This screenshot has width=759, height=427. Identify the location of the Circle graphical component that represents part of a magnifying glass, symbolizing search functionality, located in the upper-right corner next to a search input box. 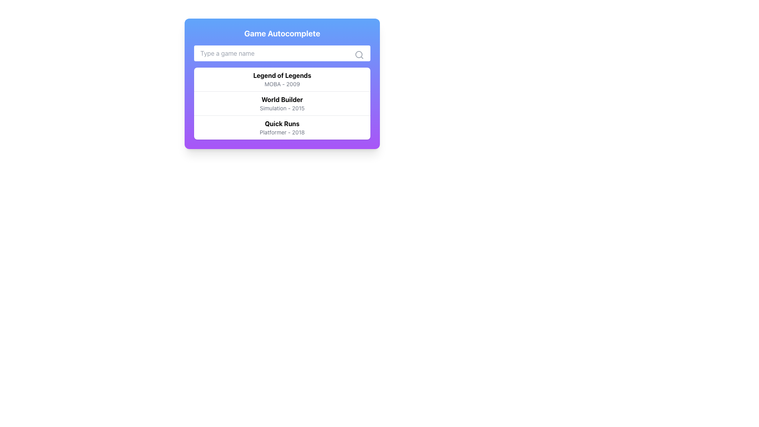
(358, 54).